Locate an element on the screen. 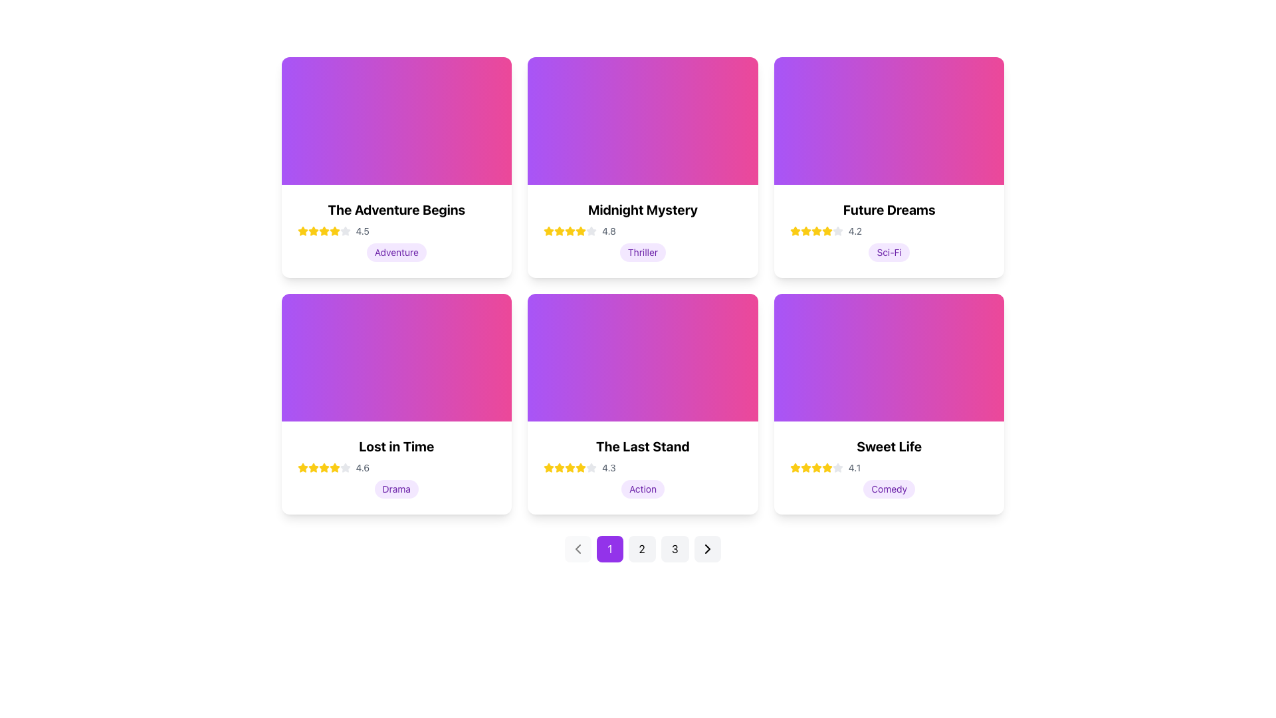 Image resolution: width=1276 pixels, height=718 pixels. the second star icon in a row of five, located below the title 'The Adventure Begins' and to the left of the numeric rating text '4.5', to indicate a filled state for the rating is located at coordinates (334, 230).